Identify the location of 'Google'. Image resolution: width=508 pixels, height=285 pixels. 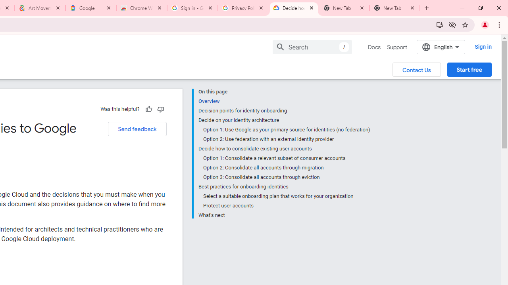
(91, 8).